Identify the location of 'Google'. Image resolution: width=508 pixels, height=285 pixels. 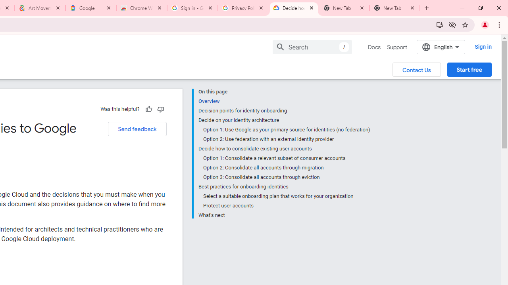
(91, 8).